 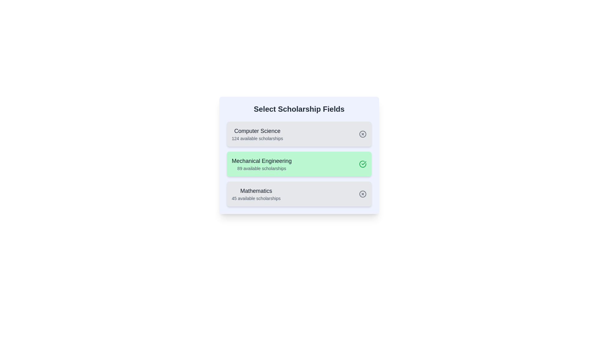 What do you see at coordinates (299, 193) in the screenshot?
I see `the field Mathematics by clicking on its card` at bounding box center [299, 193].